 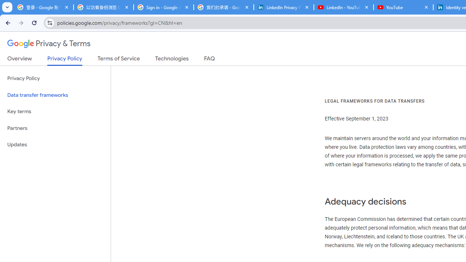 What do you see at coordinates (119, 60) in the screenshot?
I see `'Terms of Service'` at bounding box center [119, 60].